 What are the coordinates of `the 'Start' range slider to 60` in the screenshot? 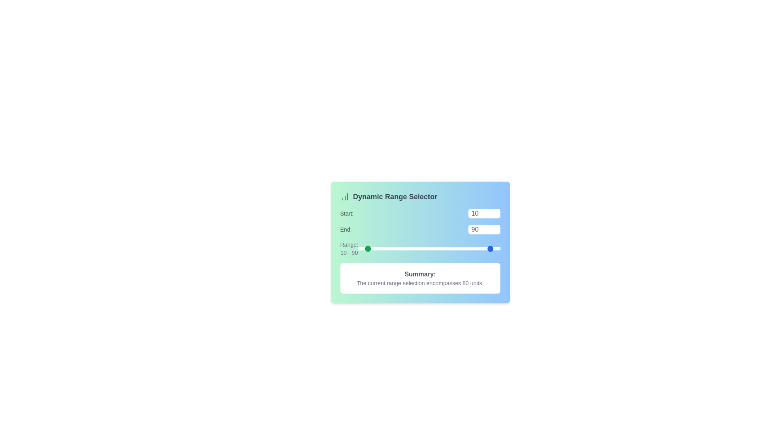 It's located at (401, 248).